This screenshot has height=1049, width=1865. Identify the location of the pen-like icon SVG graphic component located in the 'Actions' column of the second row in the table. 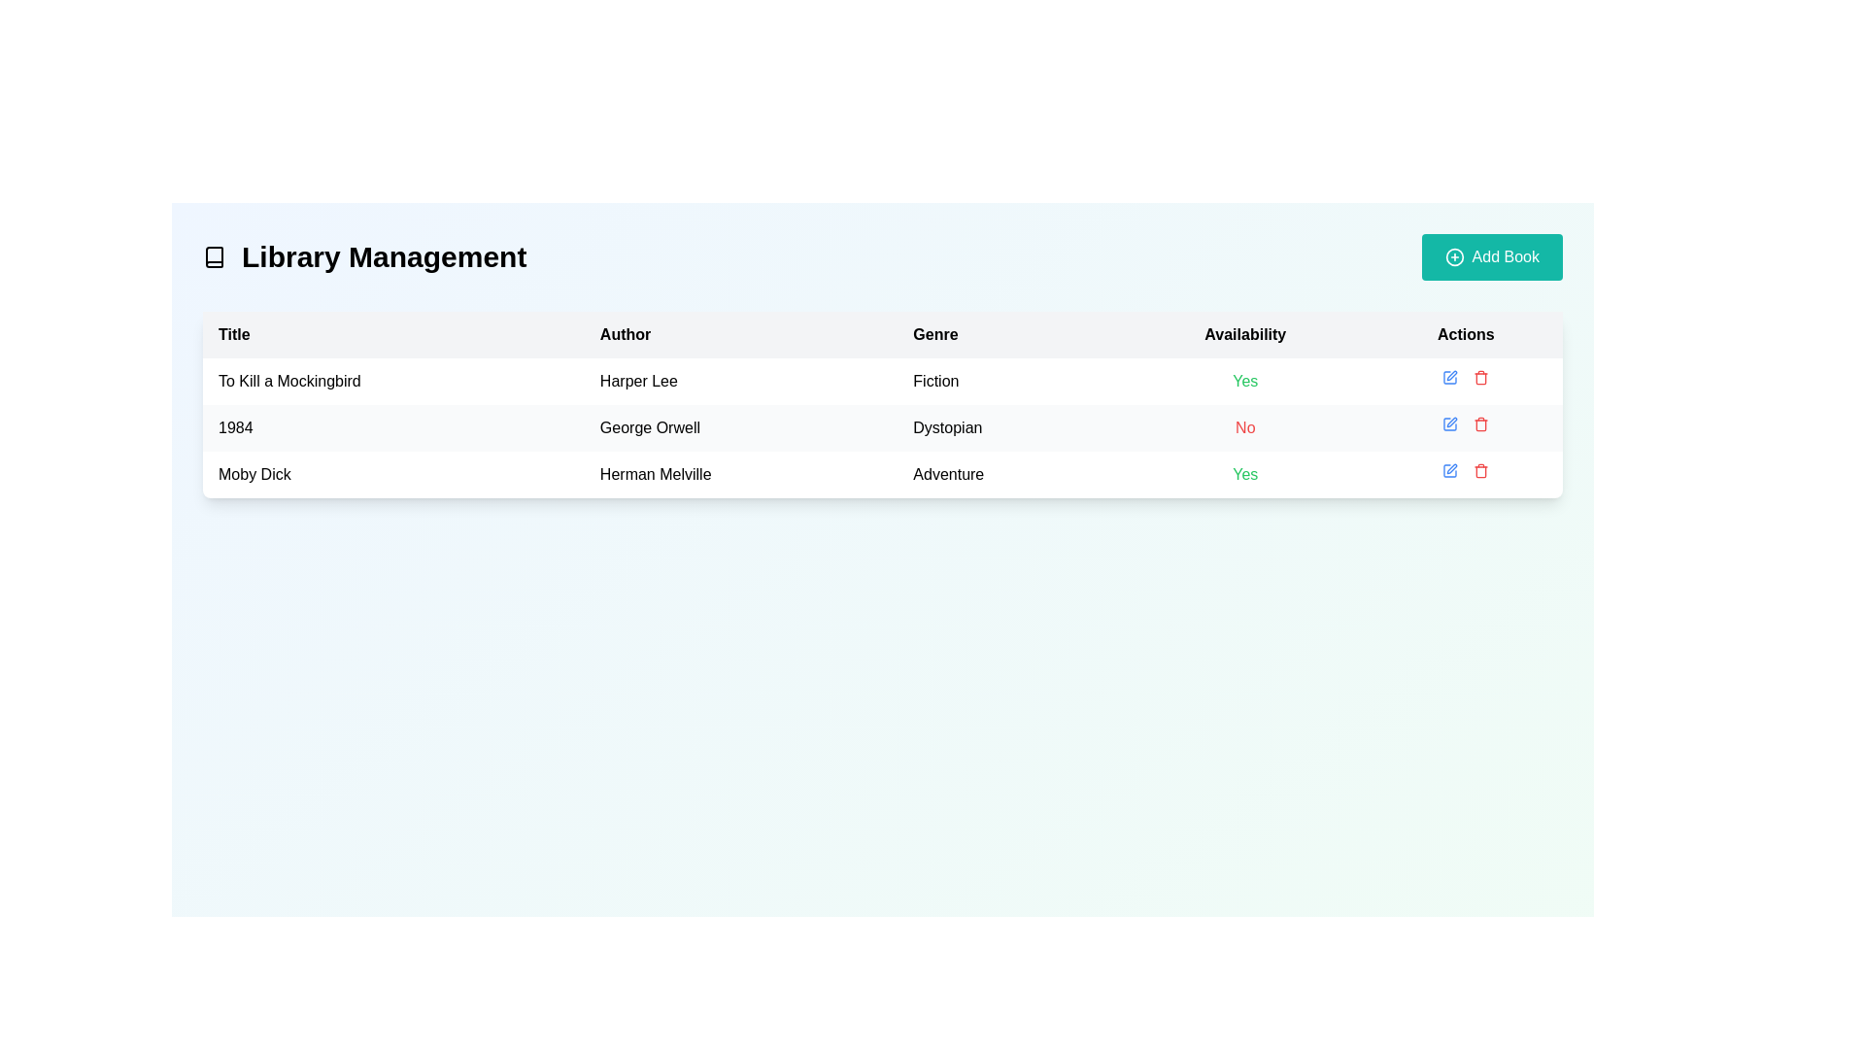
(1452, 422).